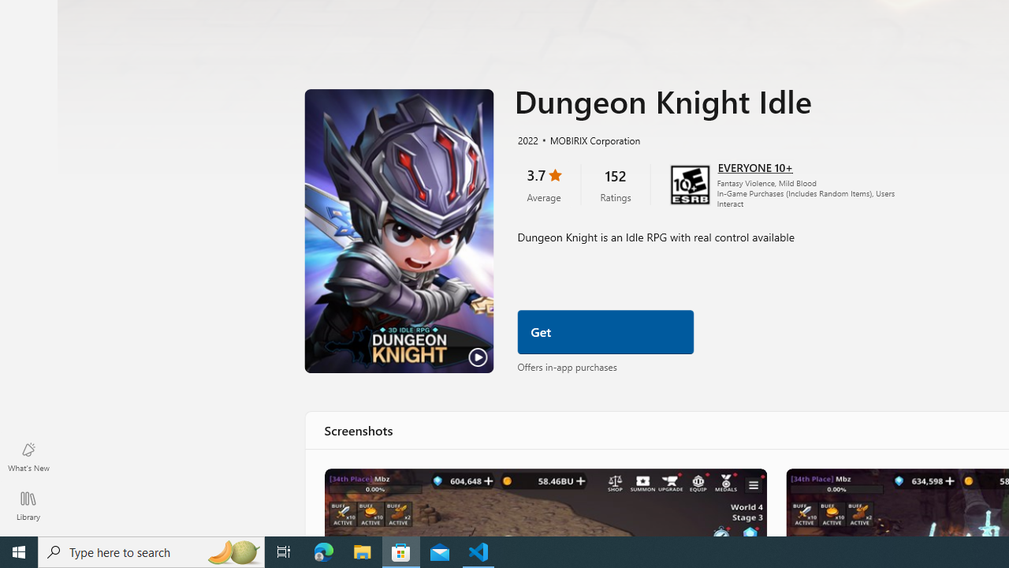 The image size is (1009, 568). What do you see at coordinates (587, 139) in the screenshot?
I see `'MOBIRIX Corporation'` at bounding box center [587, 139].